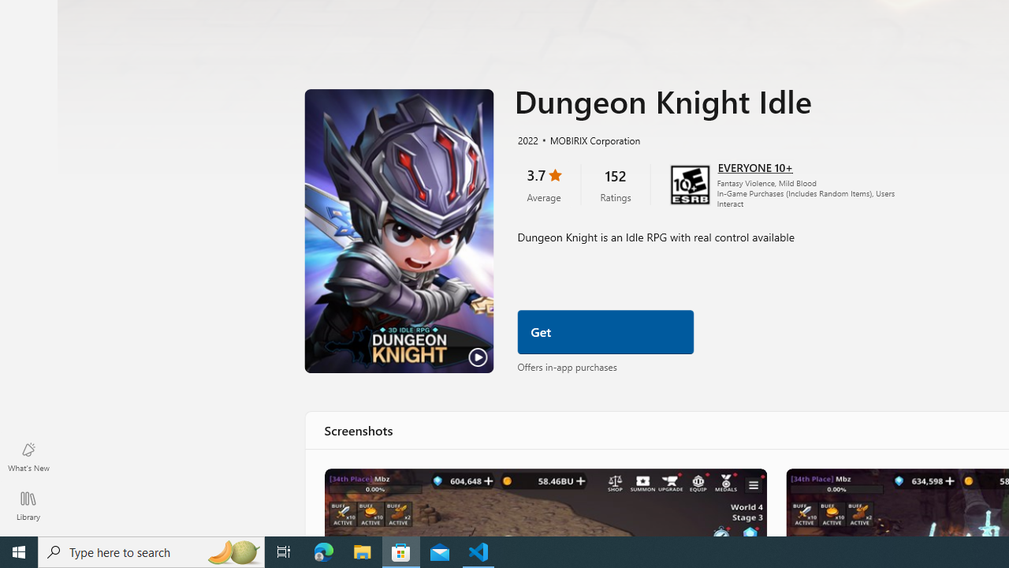 The image size is (1009, 568). What do you see at coordinates (587, 139) in the screenshot?
I see `'MOBIRIX Corporation'` at bounding box center [587, 139].